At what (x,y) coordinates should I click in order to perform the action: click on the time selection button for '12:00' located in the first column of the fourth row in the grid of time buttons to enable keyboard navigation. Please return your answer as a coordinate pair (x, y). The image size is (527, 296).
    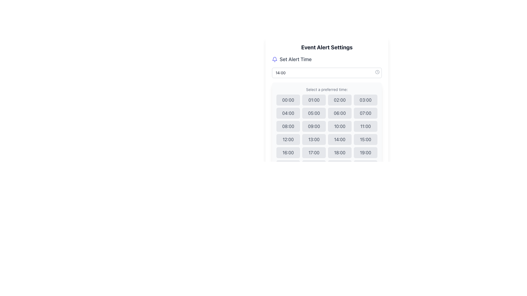
    Looking at the image, I should click on (288, 139).